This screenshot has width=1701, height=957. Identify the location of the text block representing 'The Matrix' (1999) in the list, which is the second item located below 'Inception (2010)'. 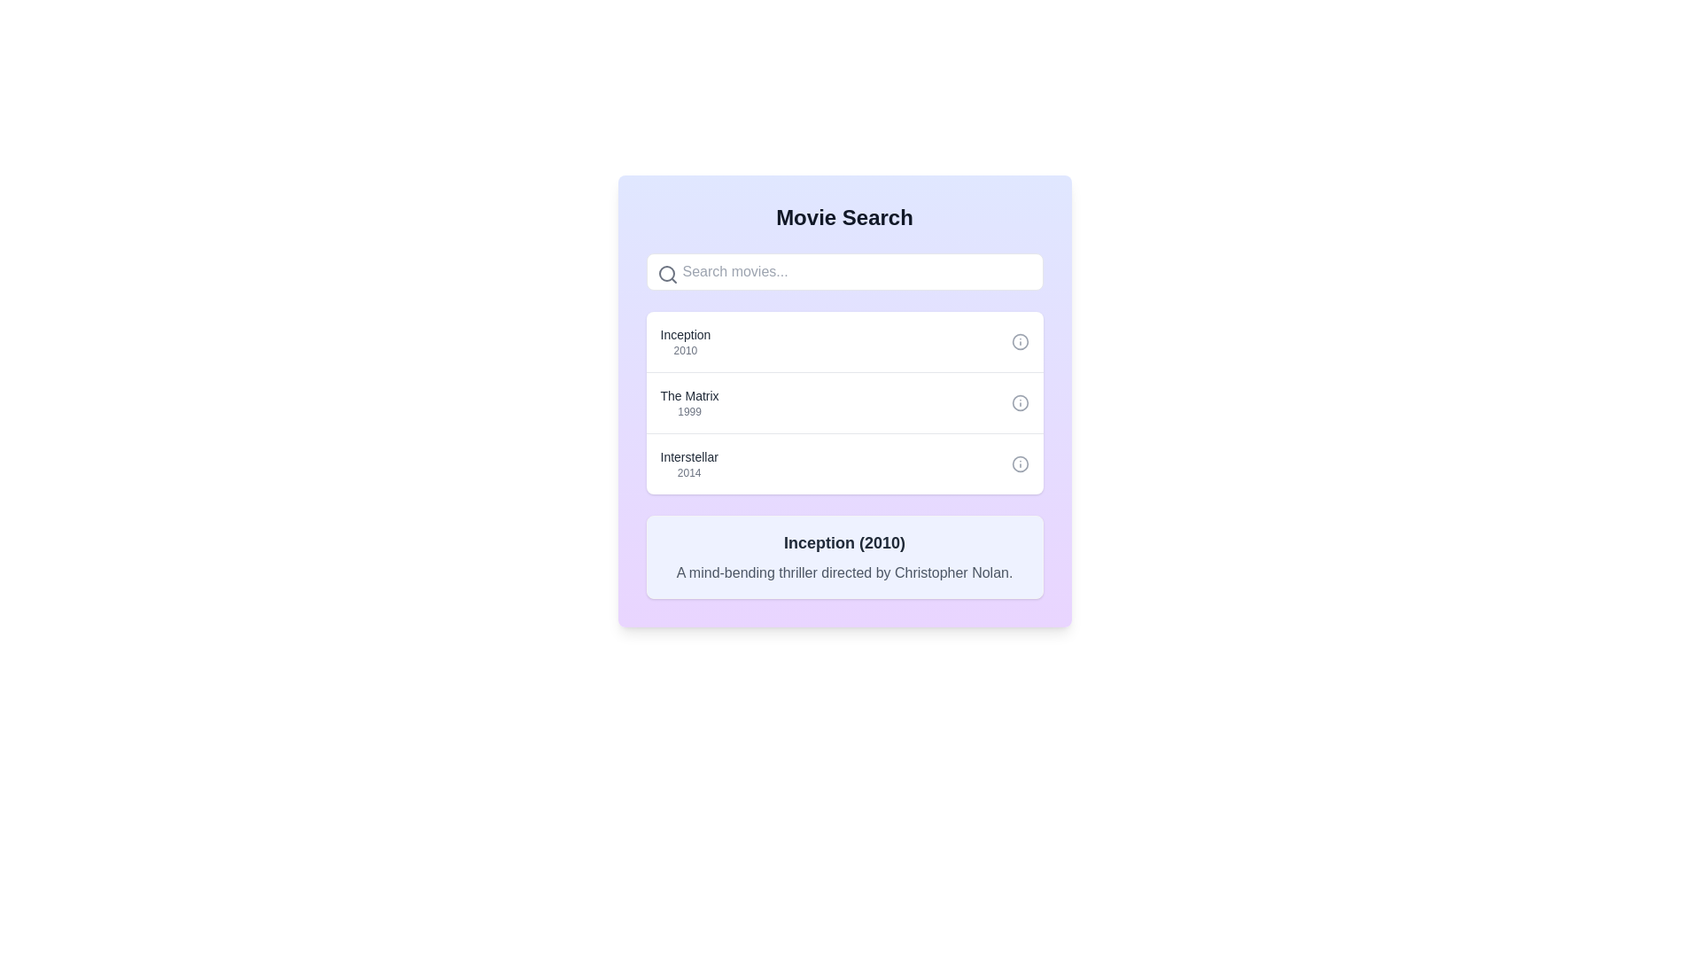
(688, 403).